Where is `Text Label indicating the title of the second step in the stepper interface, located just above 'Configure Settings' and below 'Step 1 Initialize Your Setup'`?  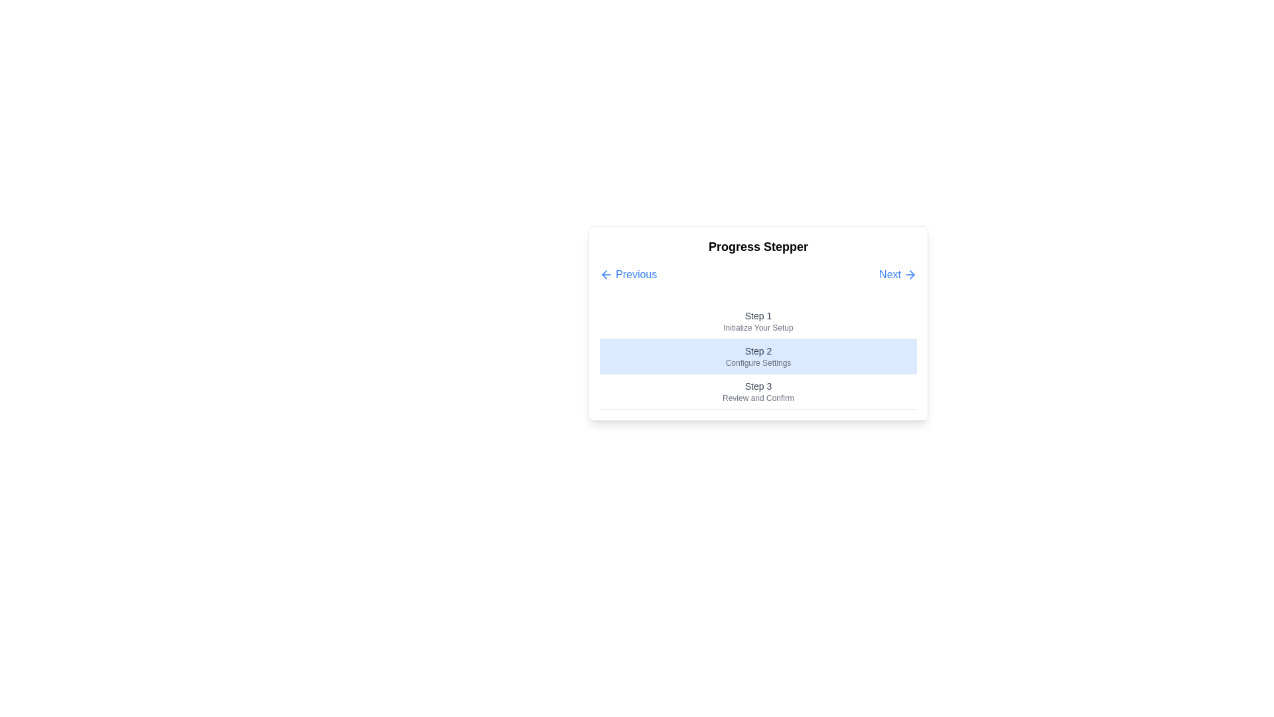 Text Label indicating the title of the second step in the stepper interface, located just above 'Configure Settings' and below 'Step 1 Initialize Your Setup' is located at coordinates (758, 350).